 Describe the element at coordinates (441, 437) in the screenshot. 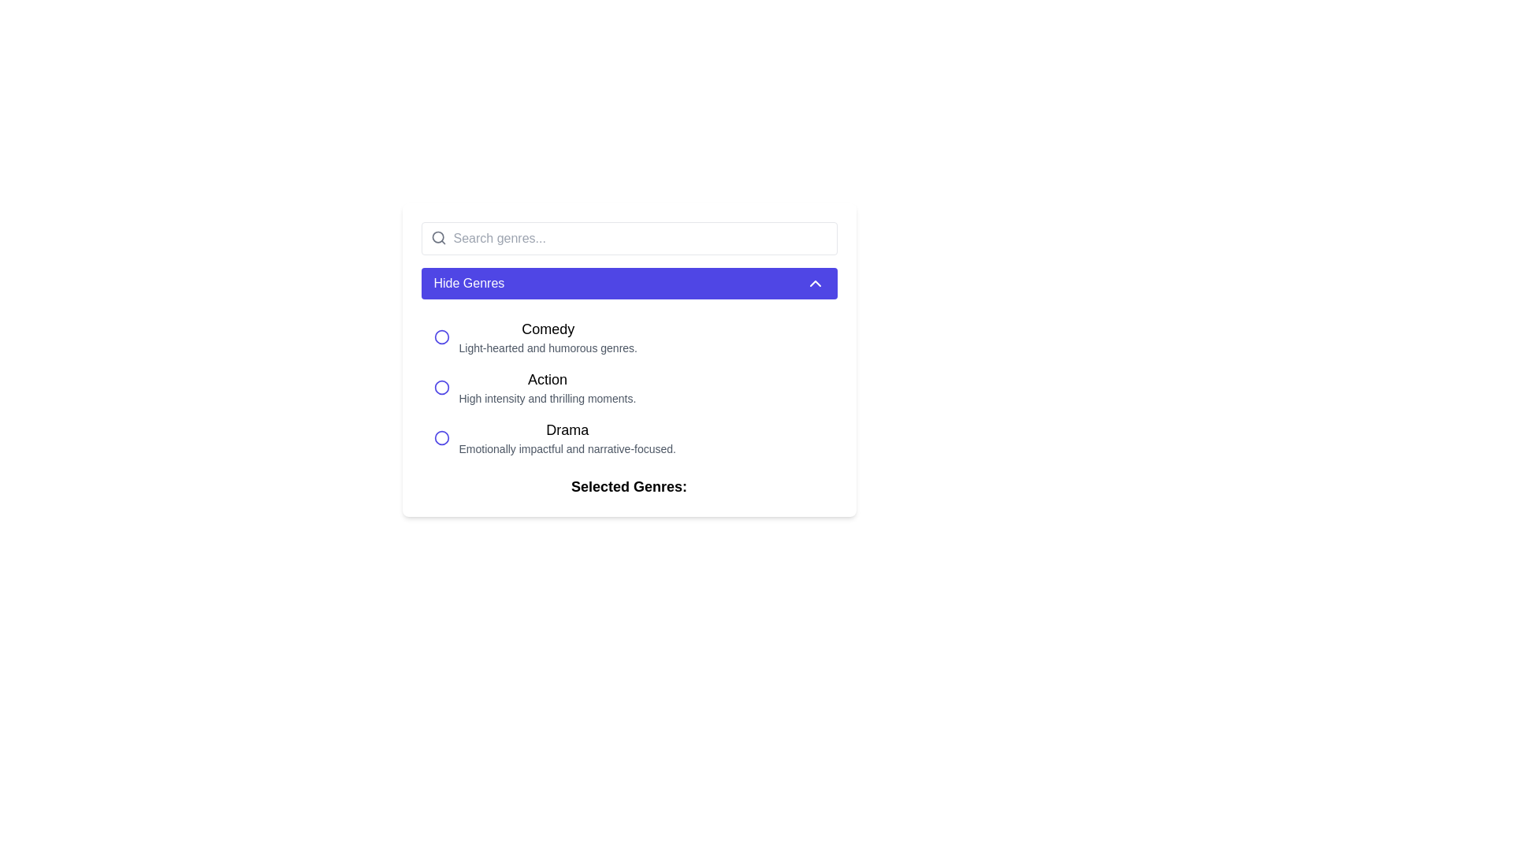

I see `the circle checkbox for the 'Drama' genre` at that location.